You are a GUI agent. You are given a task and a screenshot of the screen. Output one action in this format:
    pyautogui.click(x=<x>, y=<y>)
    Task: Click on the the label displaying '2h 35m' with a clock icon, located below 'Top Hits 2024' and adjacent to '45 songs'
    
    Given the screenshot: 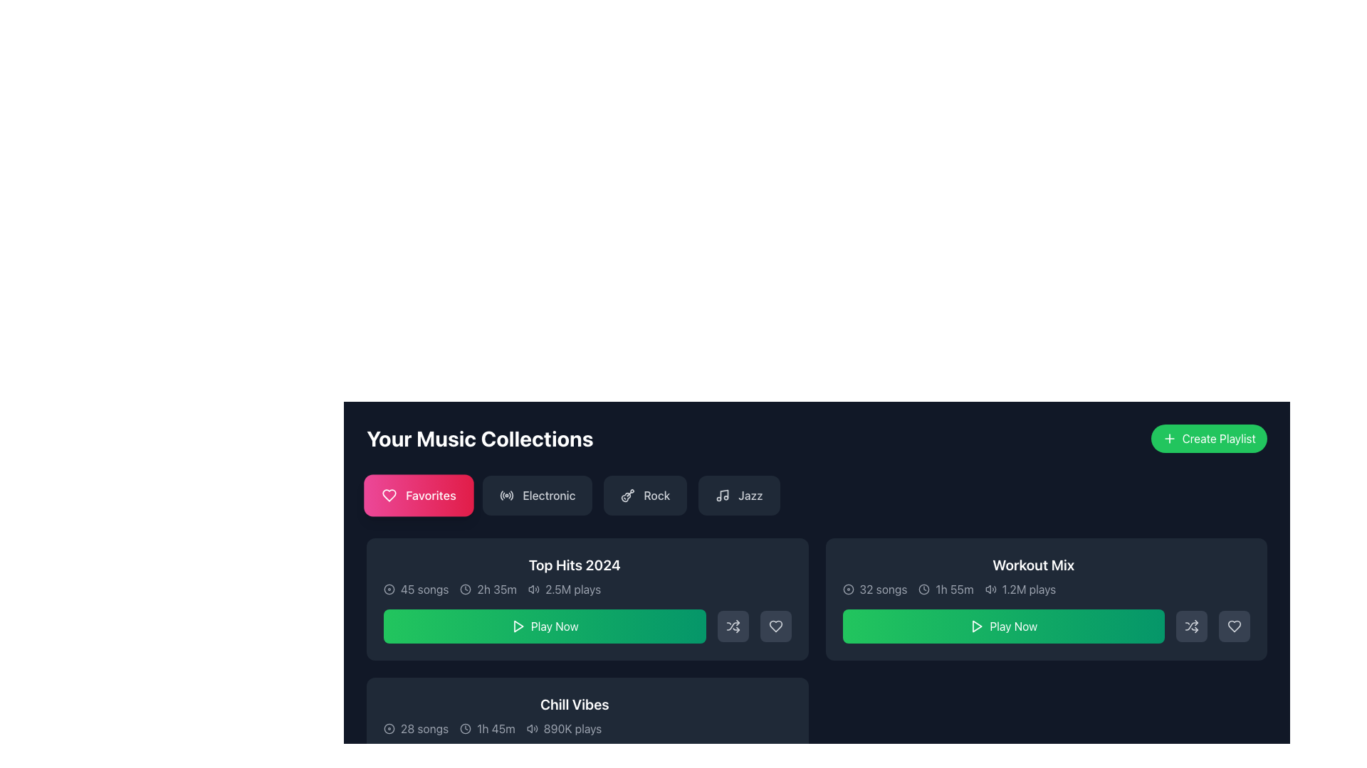 What is the action you would take?
    pyautogui.click(x=488, y=590)
    